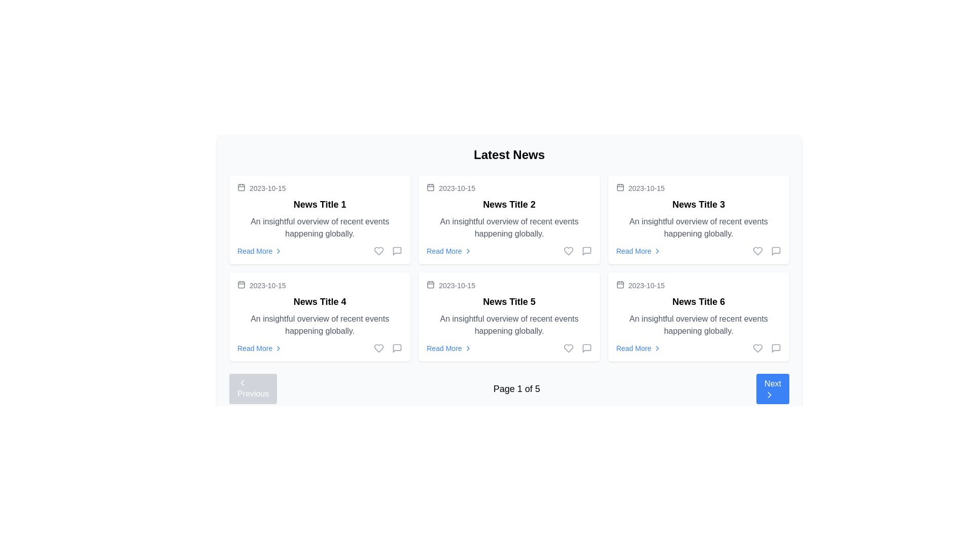 The width and height of the screenshot is (974, 547). I want to click on the 'Read More' link text within the 'News Title 3' card, so click(633, 251).